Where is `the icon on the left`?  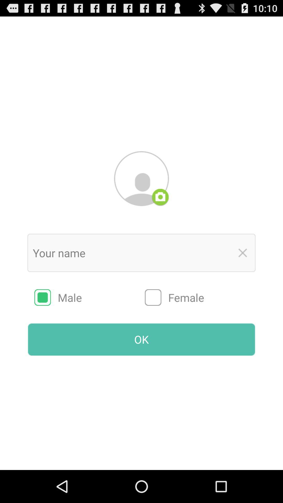
the icon on the left is located at coordinates (89, 297).